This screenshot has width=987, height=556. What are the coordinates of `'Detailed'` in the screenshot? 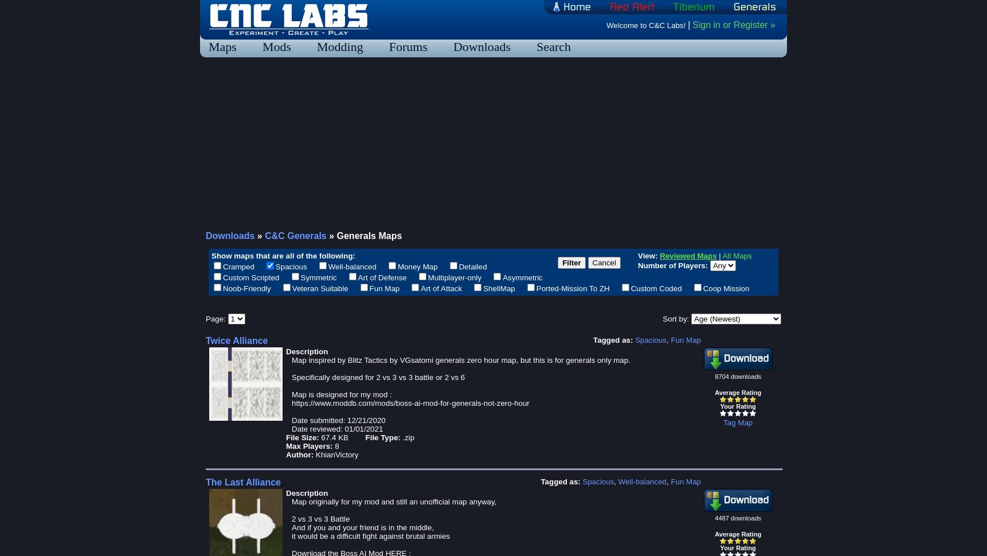 It's located at (472, 265).